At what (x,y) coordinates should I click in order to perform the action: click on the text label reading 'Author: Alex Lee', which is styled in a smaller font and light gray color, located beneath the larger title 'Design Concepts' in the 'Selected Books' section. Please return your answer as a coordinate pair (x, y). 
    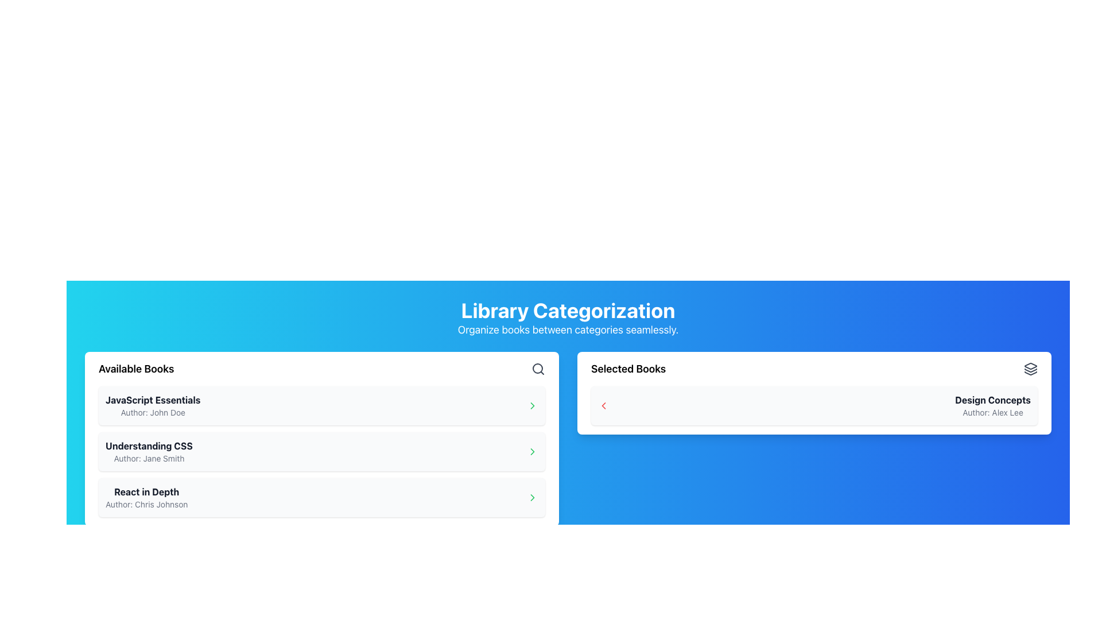
    Looking at the image, I should click on (992, 412).